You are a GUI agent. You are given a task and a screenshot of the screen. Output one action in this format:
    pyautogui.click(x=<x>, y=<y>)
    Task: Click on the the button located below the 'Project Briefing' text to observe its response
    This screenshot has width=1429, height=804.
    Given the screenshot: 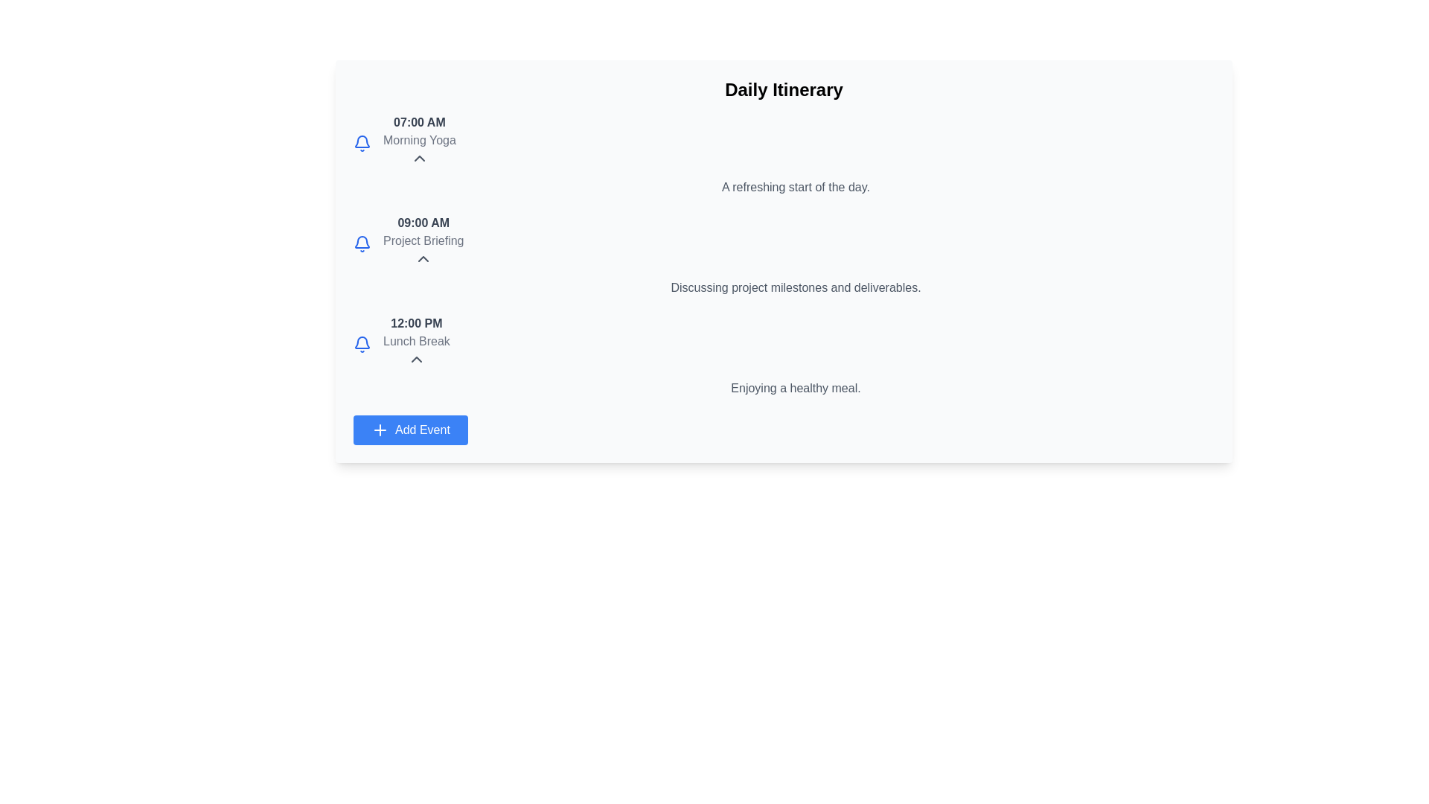 What is the action you would take?
    pyautogui.click(x=423, y=258)
    